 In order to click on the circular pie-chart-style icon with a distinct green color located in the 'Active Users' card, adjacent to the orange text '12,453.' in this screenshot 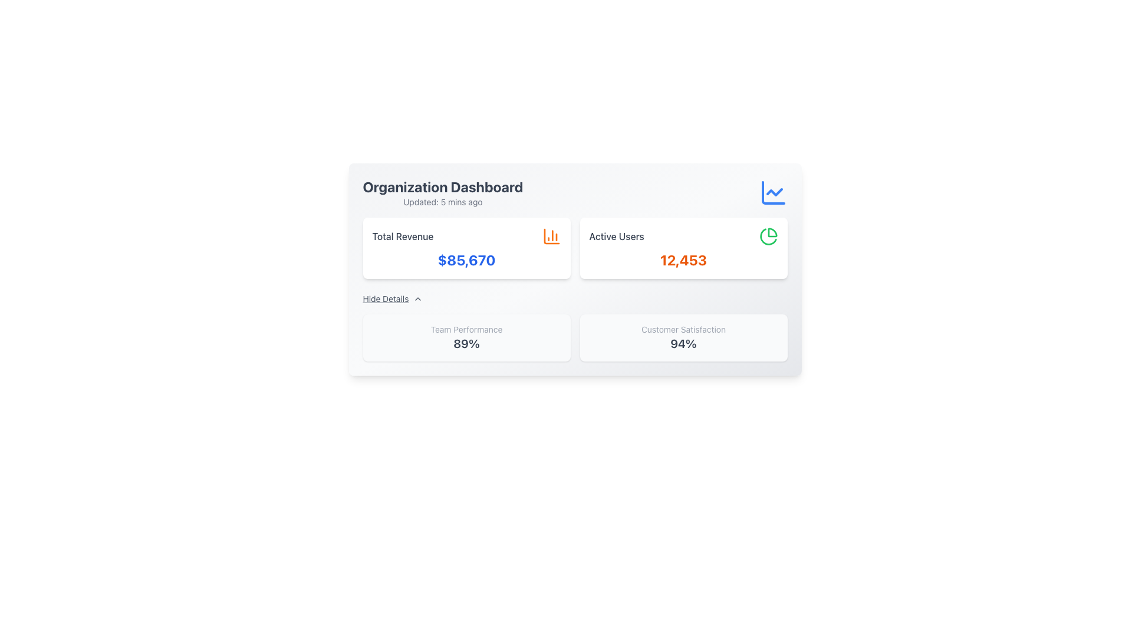, I will do `click(768, 237)`.